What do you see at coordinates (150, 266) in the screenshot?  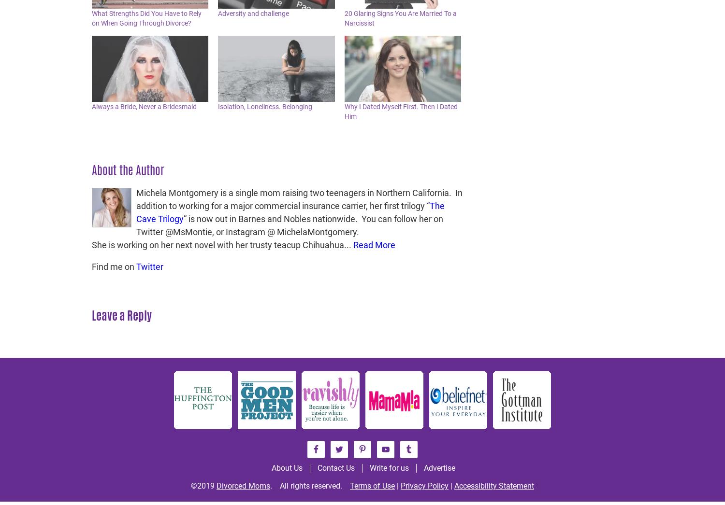 I see `'Twitter'` at bounding box center [150, 266].